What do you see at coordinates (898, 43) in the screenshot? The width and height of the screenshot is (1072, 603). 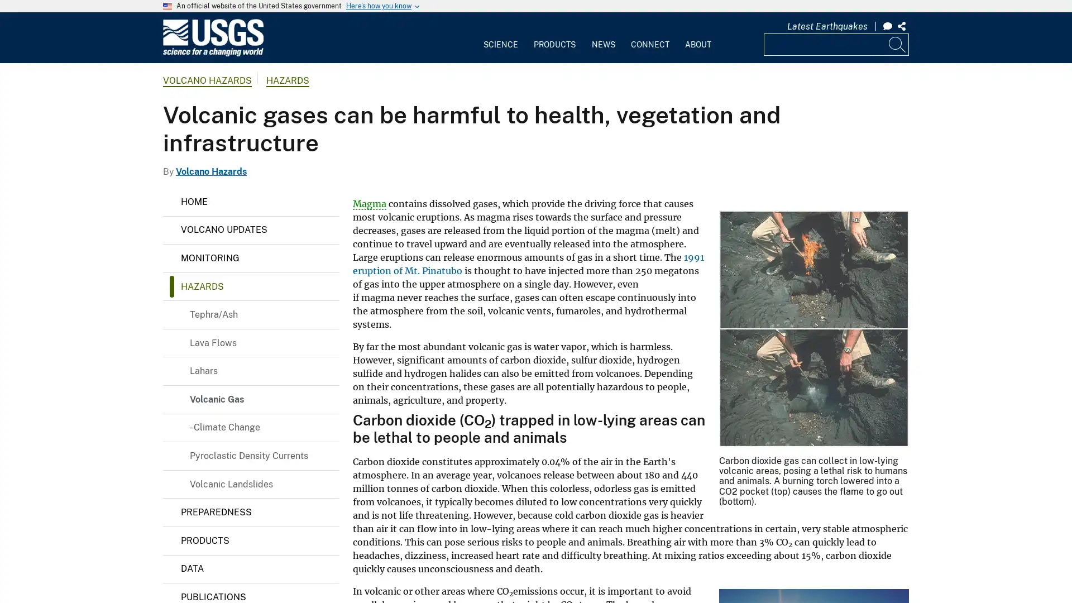 I see `Input` at bounding box center [898, 43].